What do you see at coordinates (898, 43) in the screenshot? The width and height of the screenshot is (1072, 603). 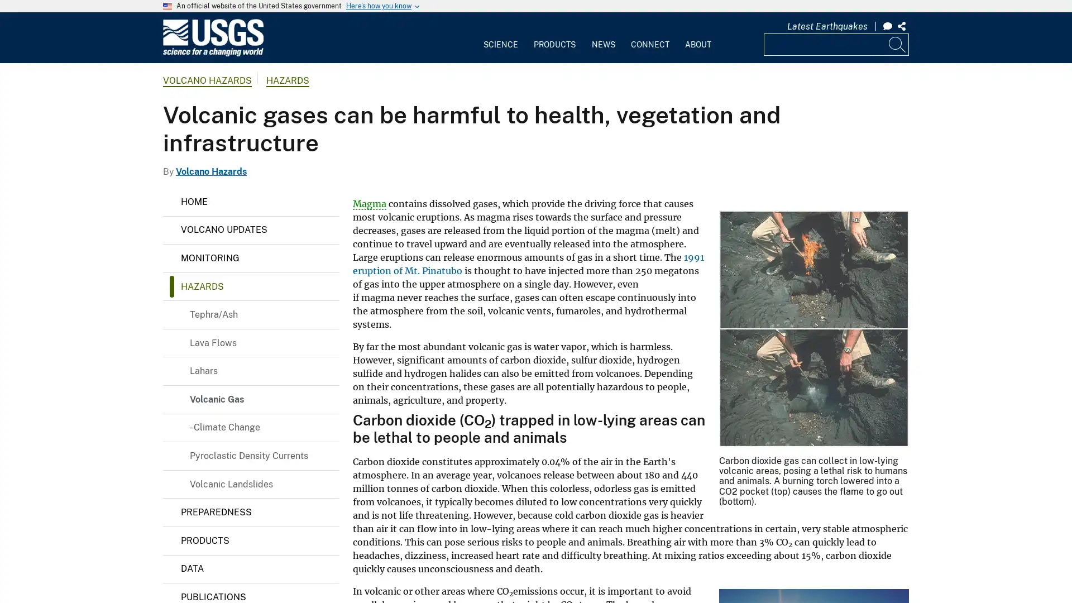 I see `Input` at bounding box center [898, 43].